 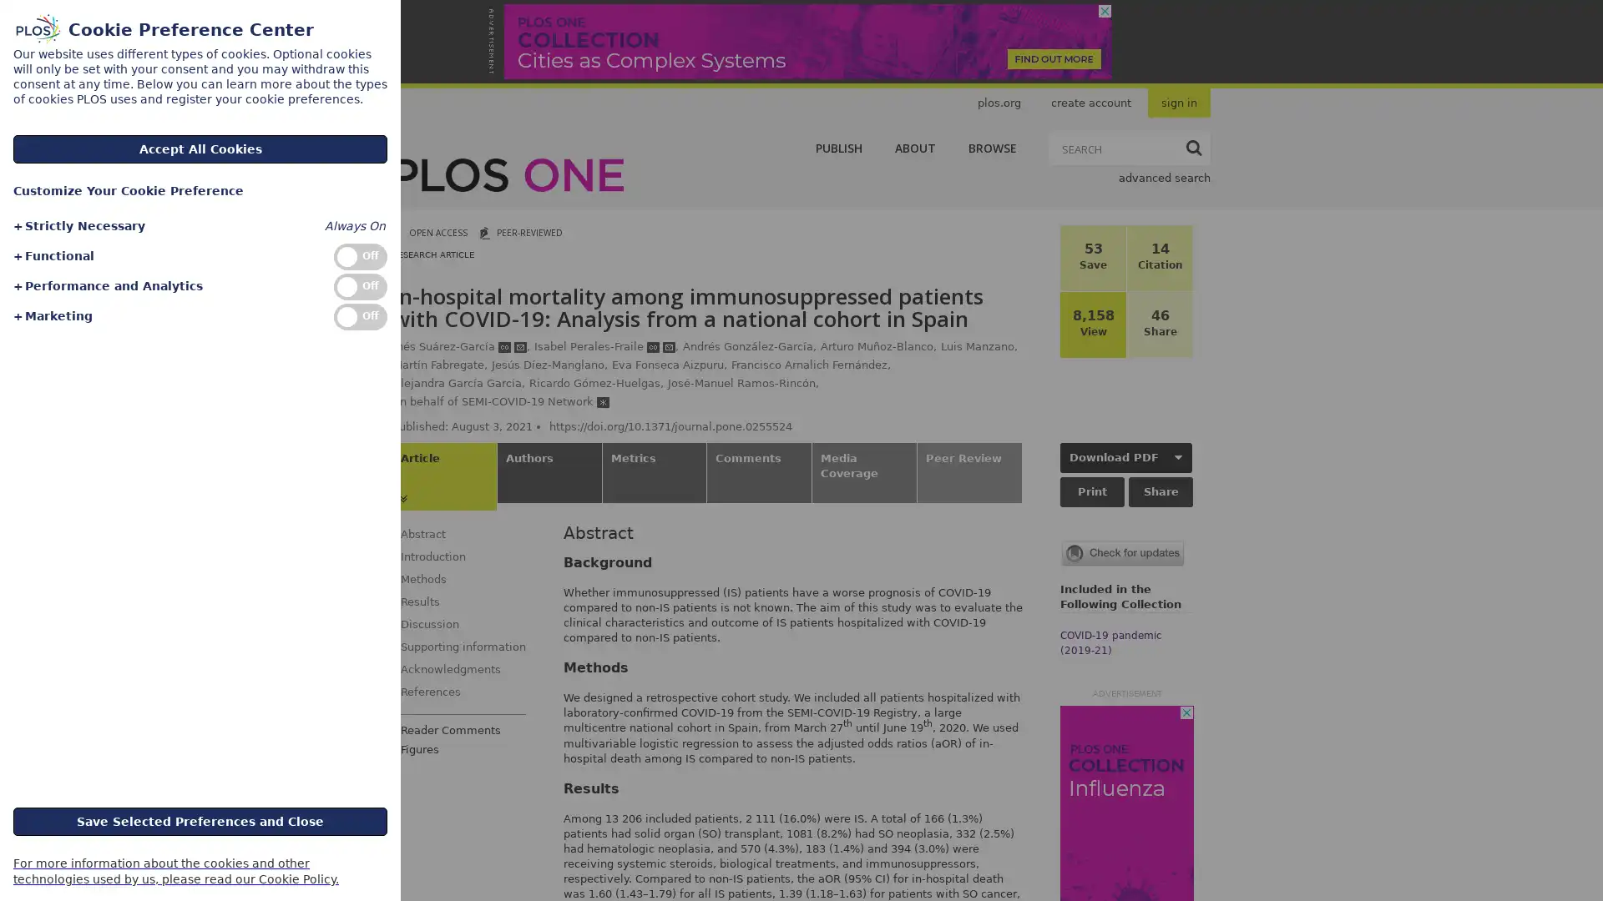 What do you see at coordinates (200, 819) in the screenshot?
I see `Save Selected Preferences and Close` at bounding box center [200, 819].